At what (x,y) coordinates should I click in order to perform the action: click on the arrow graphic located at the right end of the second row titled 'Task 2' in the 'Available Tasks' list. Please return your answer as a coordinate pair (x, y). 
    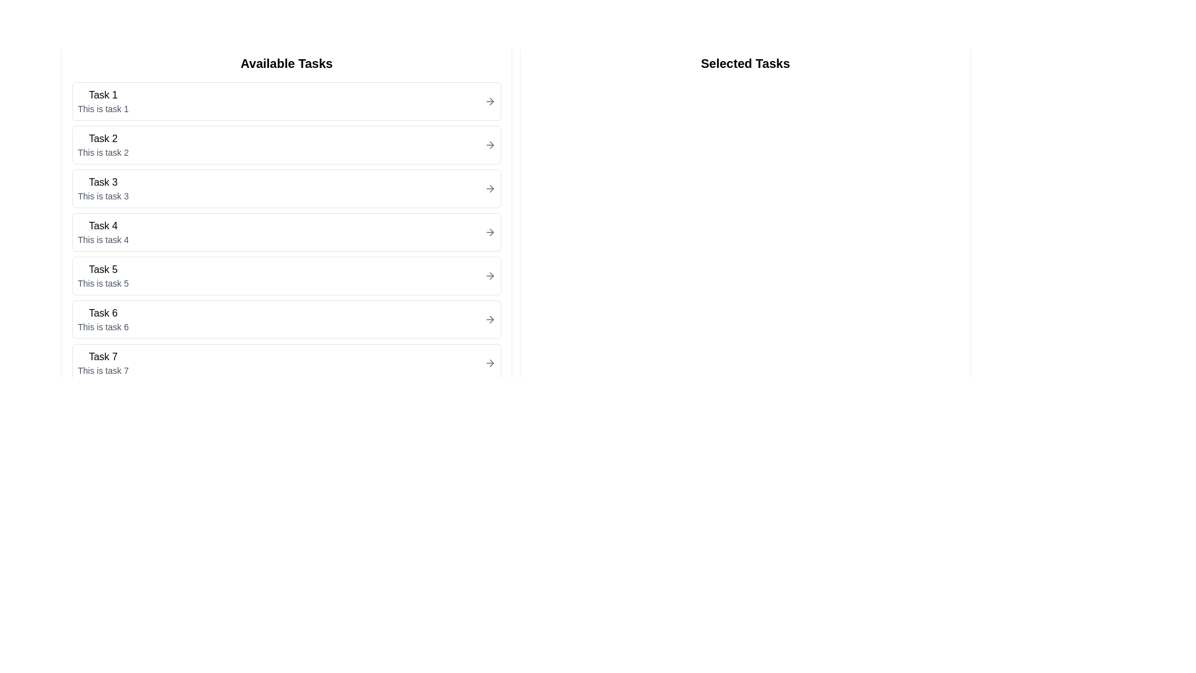
    Looking at the image, I should click on (491, 144).